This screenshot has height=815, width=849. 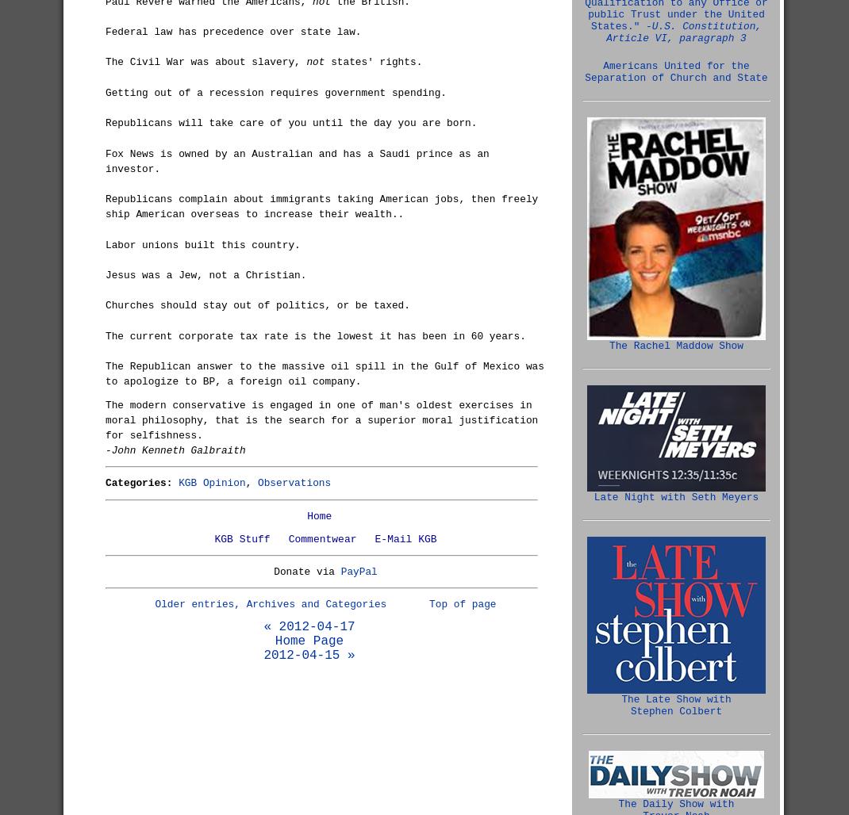 I want to click on 'Commentwear', so click(x=321, y=538).